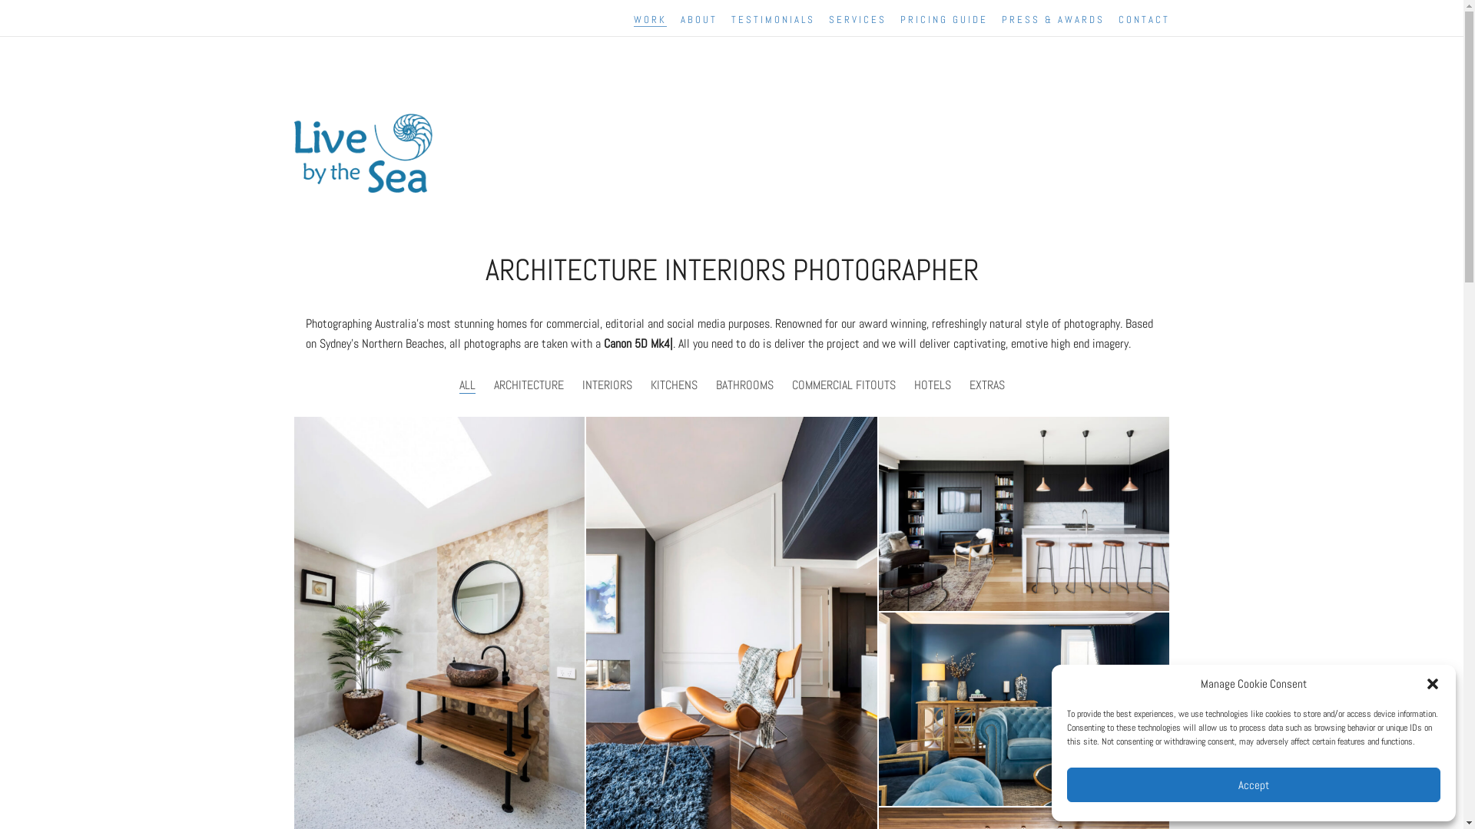  I want to click on 'SERVICES', so click(856, 19).